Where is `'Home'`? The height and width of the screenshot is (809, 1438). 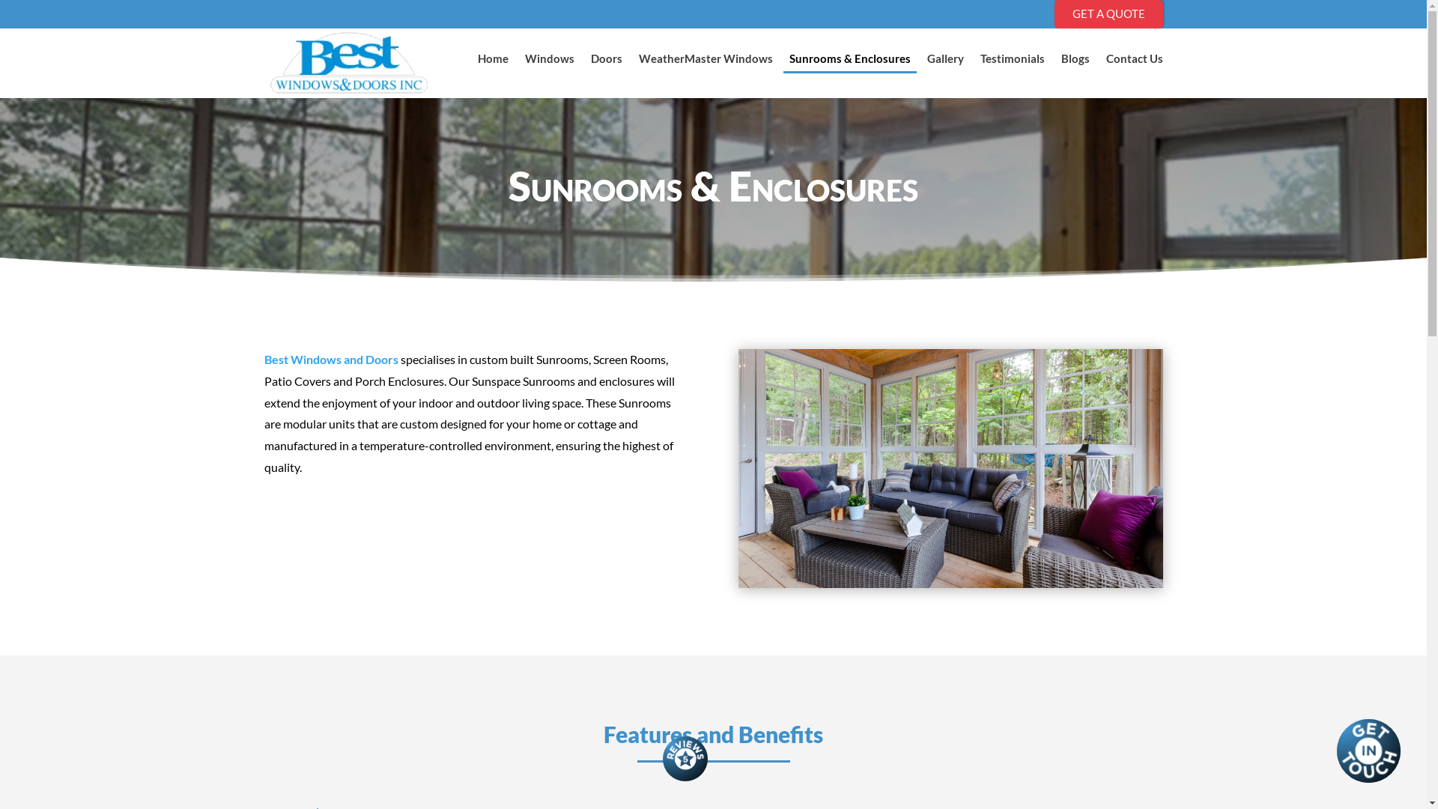 'Home' is located at coordinates (477, 70).